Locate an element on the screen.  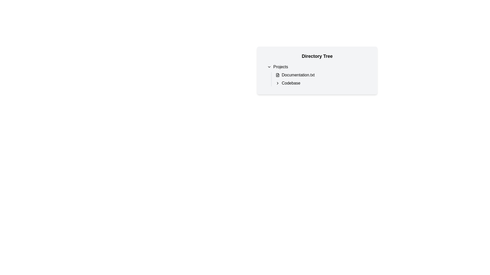
the 'Codebase' static text label in the 'Projects' section of the directory tree interface, which is adjacent to the chevron icon is located at coordinates (291, 83).